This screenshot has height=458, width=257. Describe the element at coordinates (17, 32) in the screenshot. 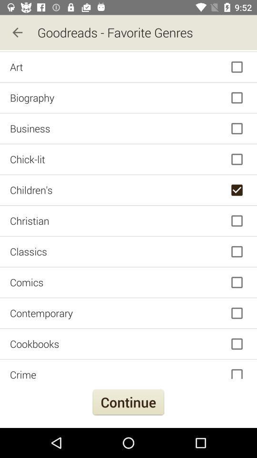

I see `the icon next to the goodreads - favorite genres` at that location.